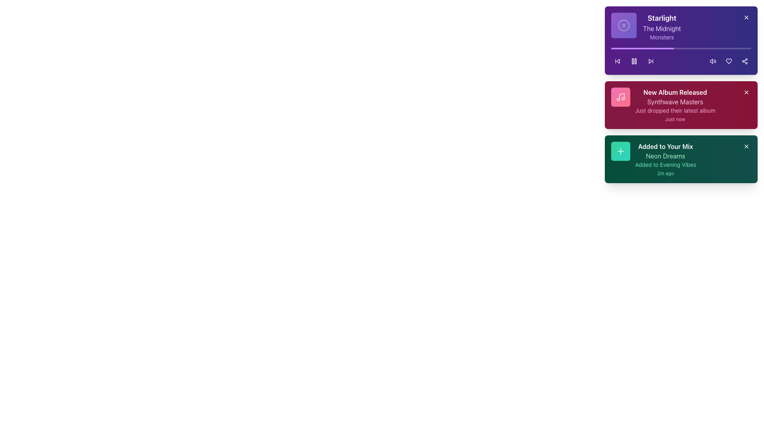 The image size is (764, 430). What do you see at coordinates (624, 25) in the screenshot?
I see `the decorative icon located in the upper-left corner of the purple notification card next to the card title 'Starlight'` at bounding box center [624, 25].